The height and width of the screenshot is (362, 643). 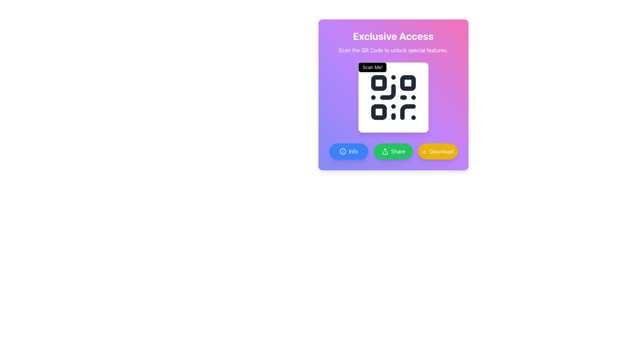 I want to click on the blue circular 'Info' button located on the leftmost side of the horizontal button group beneath the QR code, so click(x=343, y=151).